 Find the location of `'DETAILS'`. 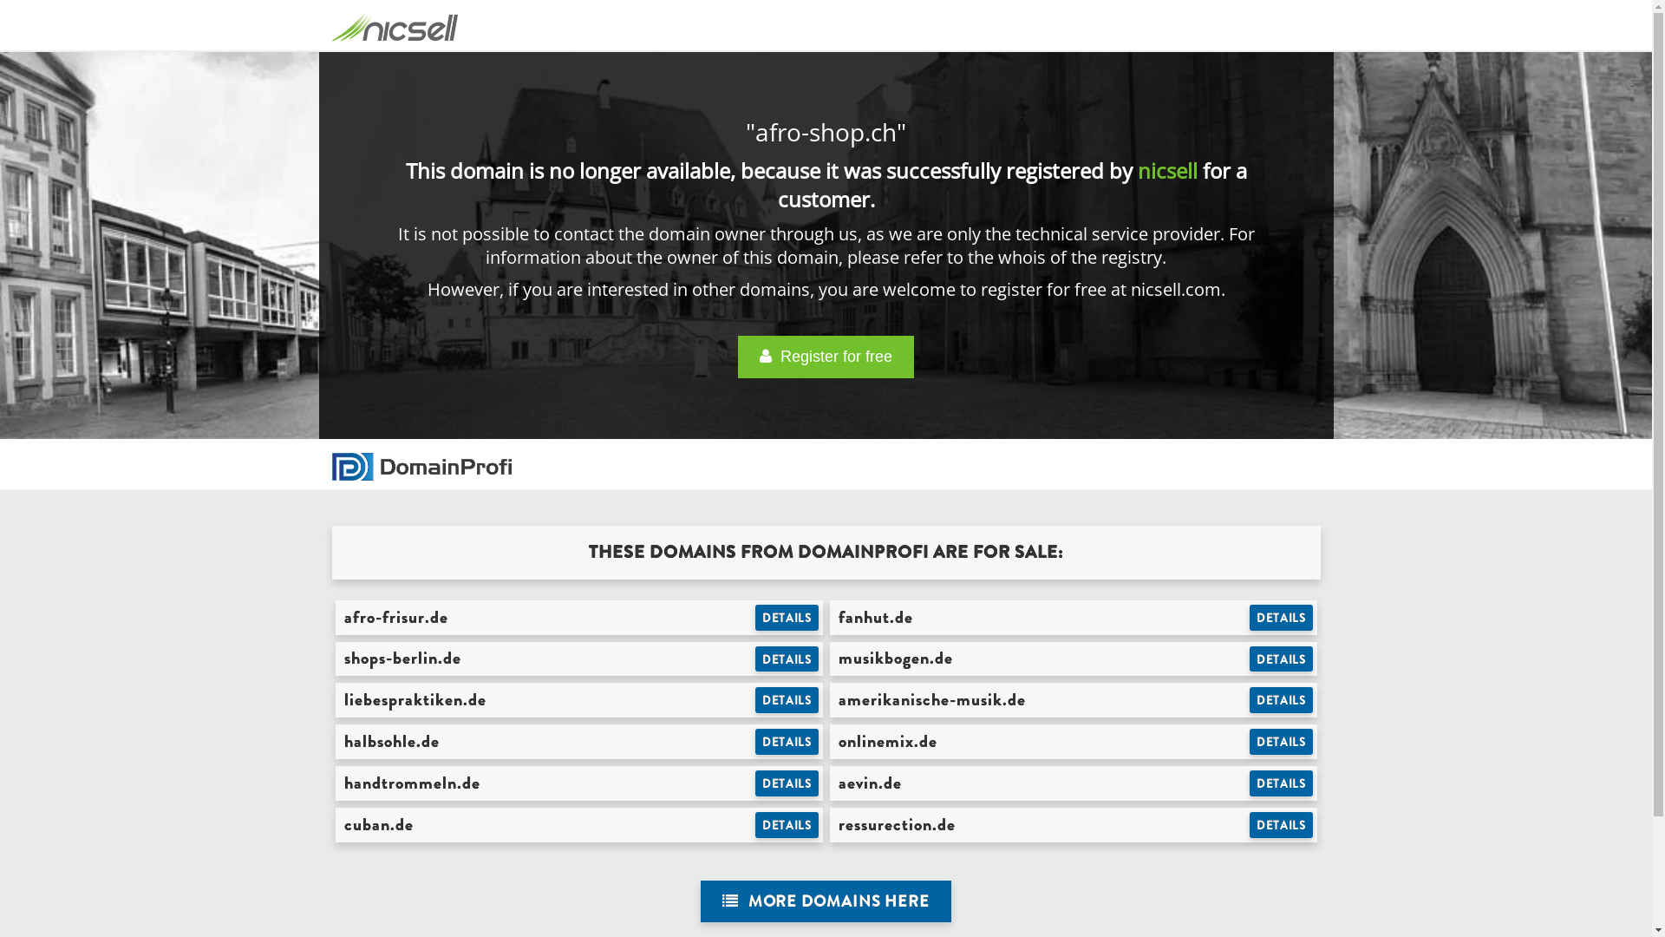

'DETAILS' is located at coordinates (754, 698).